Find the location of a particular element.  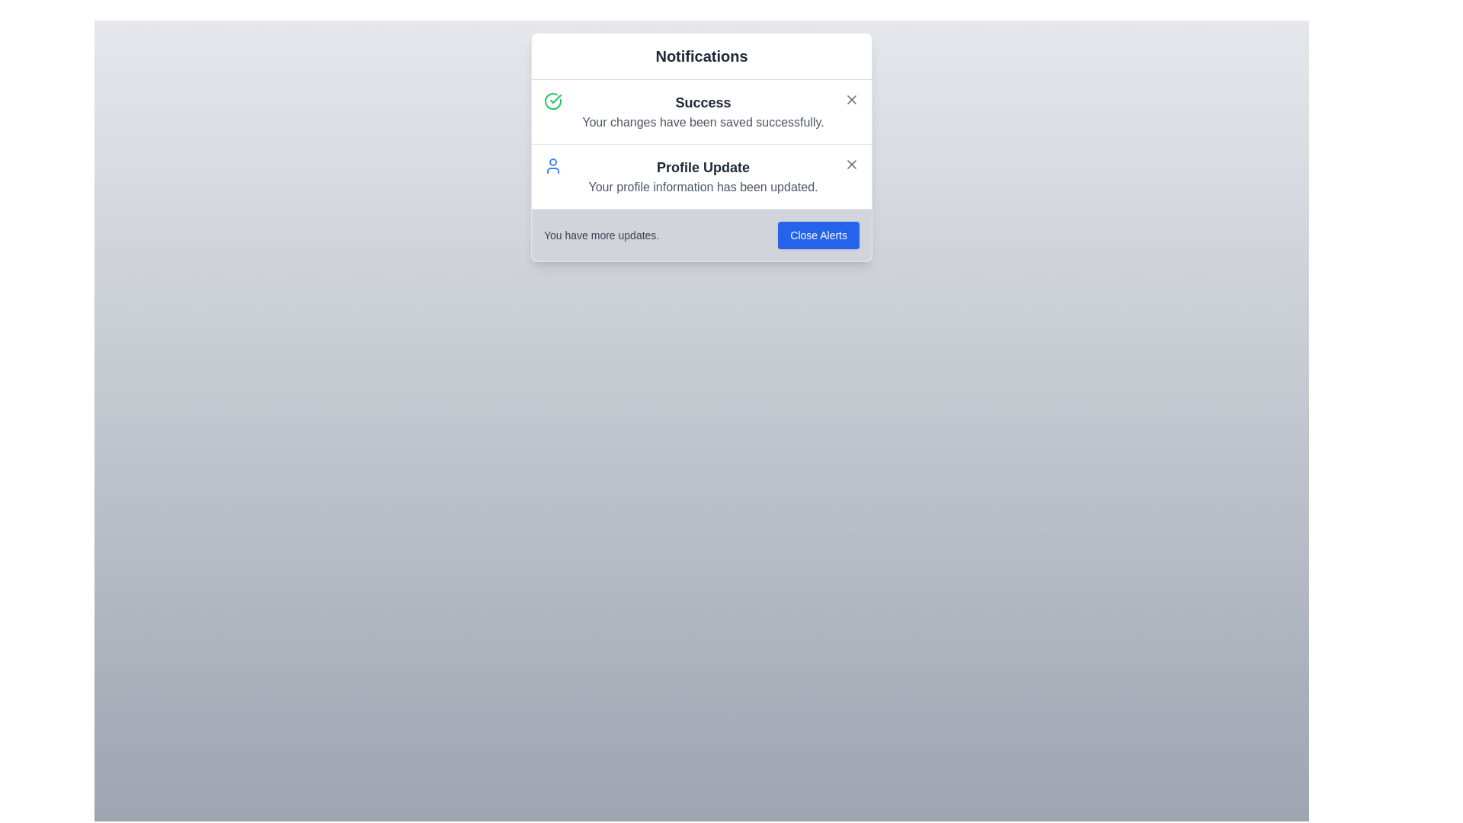

the 'Close Alerts' button is located at coordinates (818, 235).